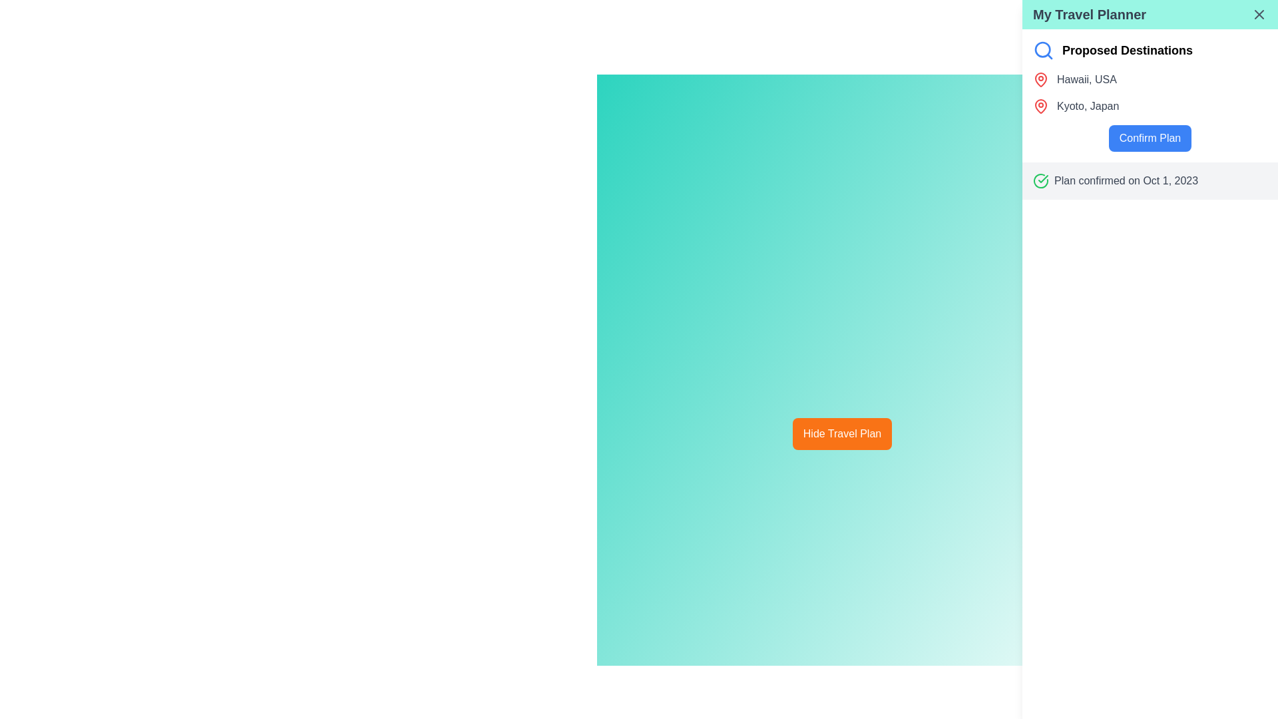 This screenshot has height=719, width=1278. I want to click on the Text Label displaying 'Hawaii, USA' in a gray font, located within the sidebar titled 'My Travel Planner' under 'Proposed Destinations', so click(1086, 79).